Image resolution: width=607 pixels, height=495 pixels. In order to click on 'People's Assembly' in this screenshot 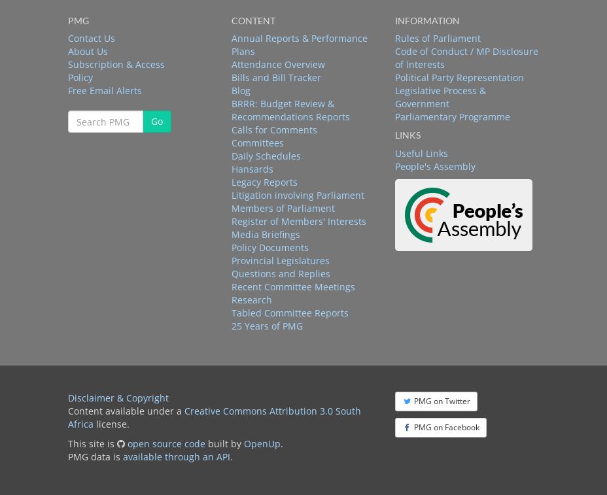, I will do `click(434, 165)`.